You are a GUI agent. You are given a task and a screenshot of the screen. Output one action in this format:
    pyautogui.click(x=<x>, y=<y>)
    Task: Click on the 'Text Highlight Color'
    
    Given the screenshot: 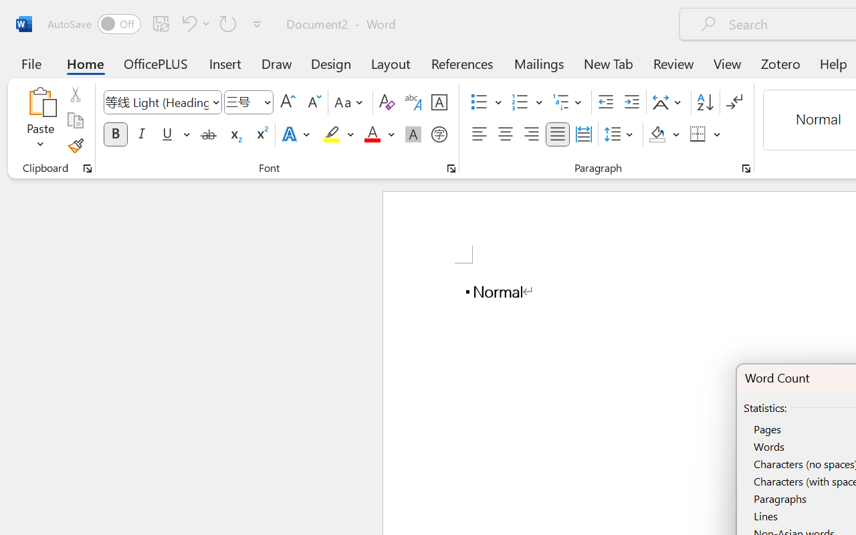 What is the action you would take?
    pyautogui.click(x=338, y=134)
    